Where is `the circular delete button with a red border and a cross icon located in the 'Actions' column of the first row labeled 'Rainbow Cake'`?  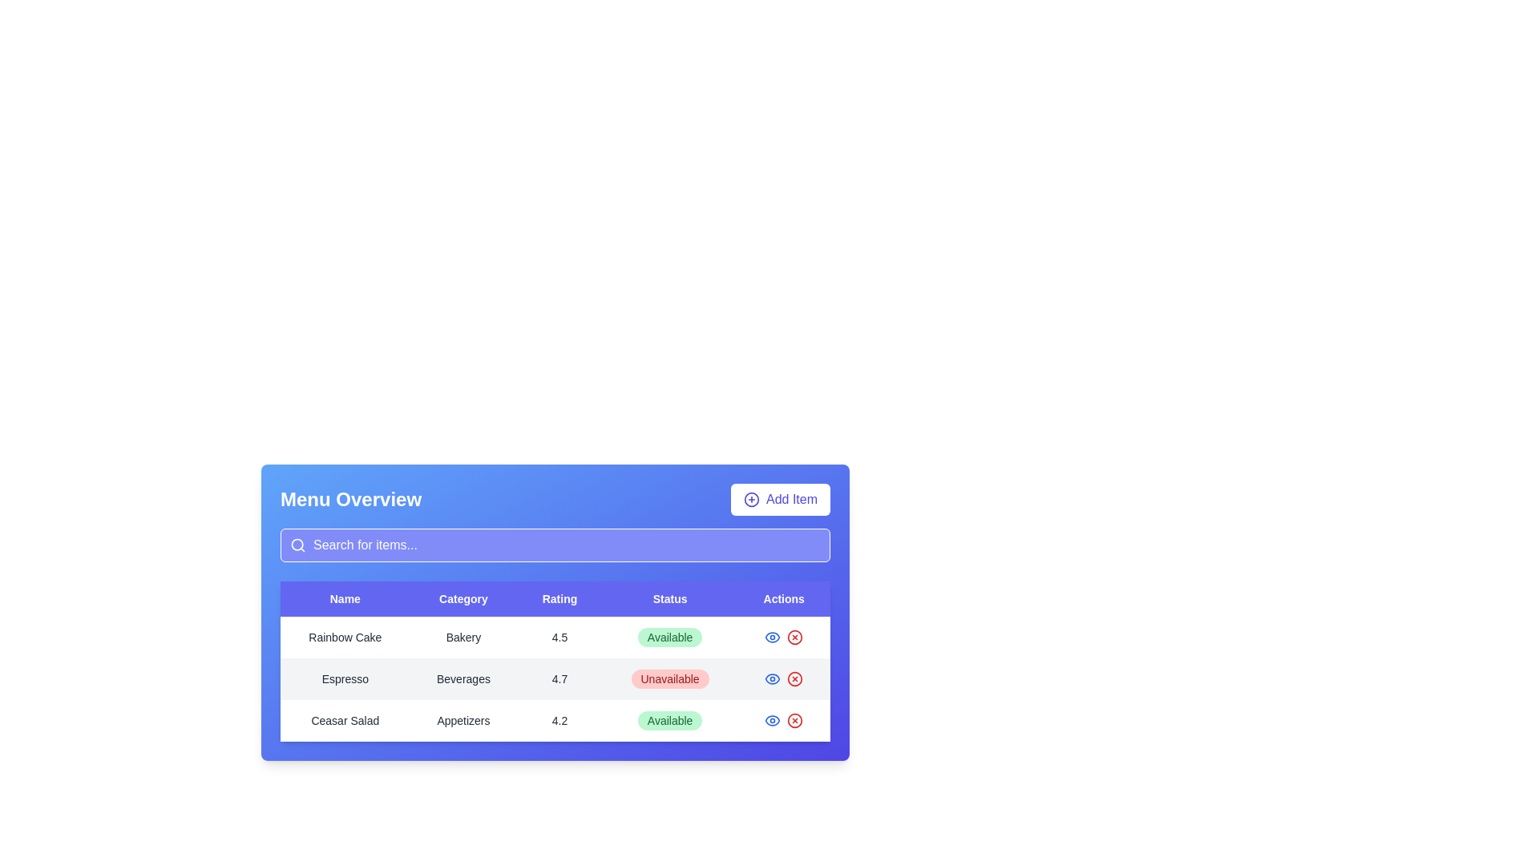 the circular delete button with a red border and a cross icon located in the 'Actions' column of the first row labeled 'Rainbow Cake' is located at coordinates (795, 636).